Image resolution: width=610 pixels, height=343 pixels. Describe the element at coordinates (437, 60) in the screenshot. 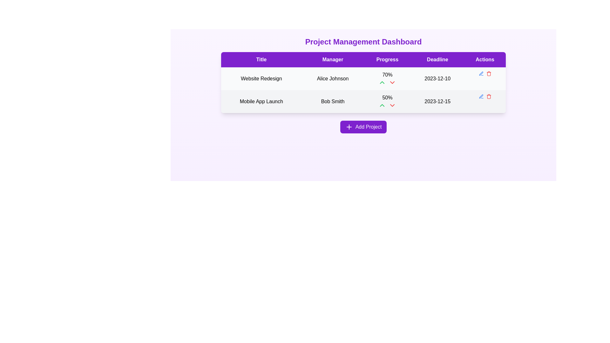

I see `the 'Deadline' header cell in the table, which is the fourth header in the sequence of five: 'Title', 'Manager', 'Progress', 'Deadline', and 'Actions'` at that location.